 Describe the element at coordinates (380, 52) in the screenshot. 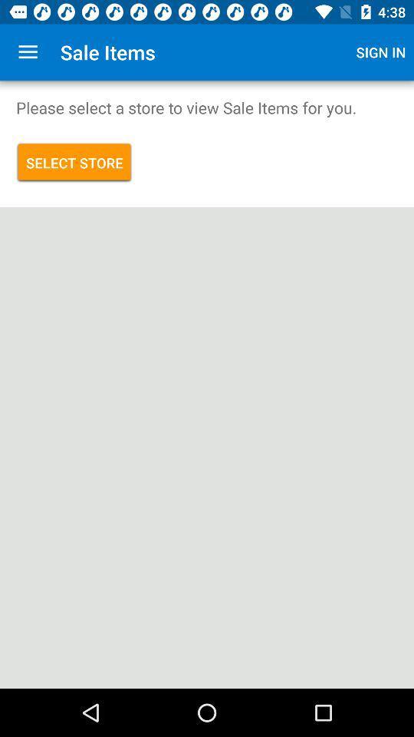

I see `the app to the right of sale items icon` at that location.